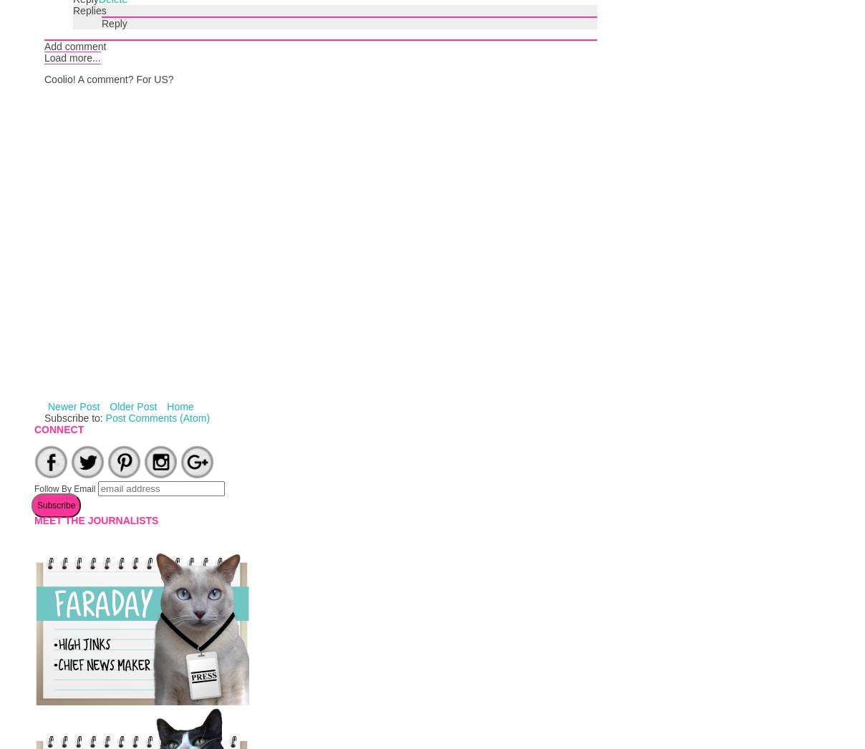 The width and height of the screenshot is (865, 749). Describe the element at coordinates (110, 405) in the screenshot. I see `'Older Post'` at that location.